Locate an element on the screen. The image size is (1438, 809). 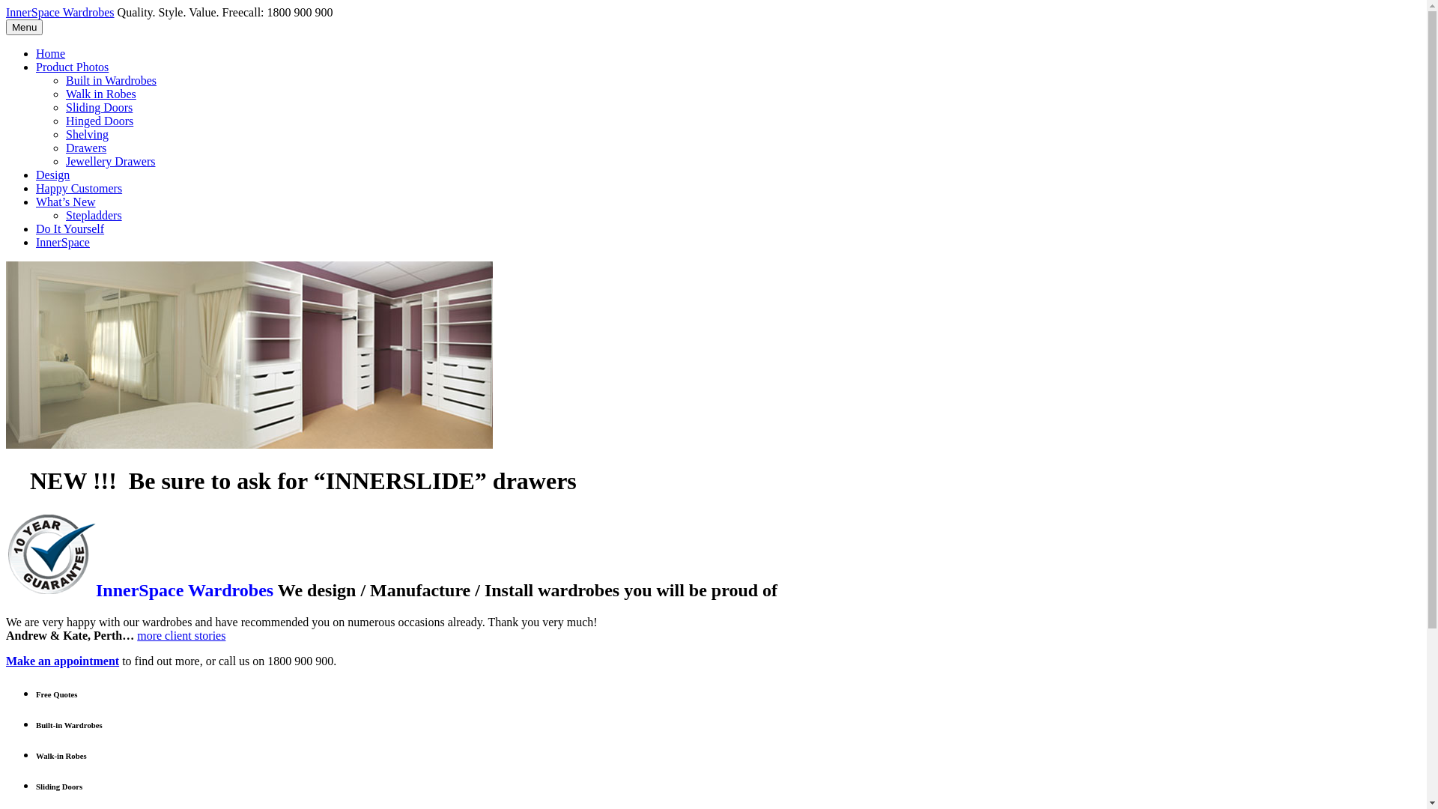
'Happy Customers' is located at coordinates (78, 187).